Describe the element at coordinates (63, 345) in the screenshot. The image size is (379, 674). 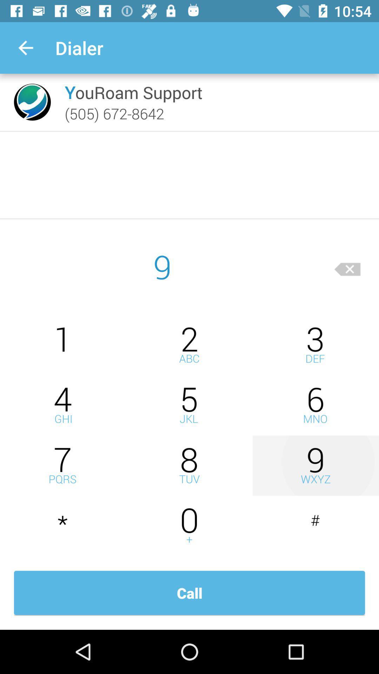
I see `press 1` at that location.